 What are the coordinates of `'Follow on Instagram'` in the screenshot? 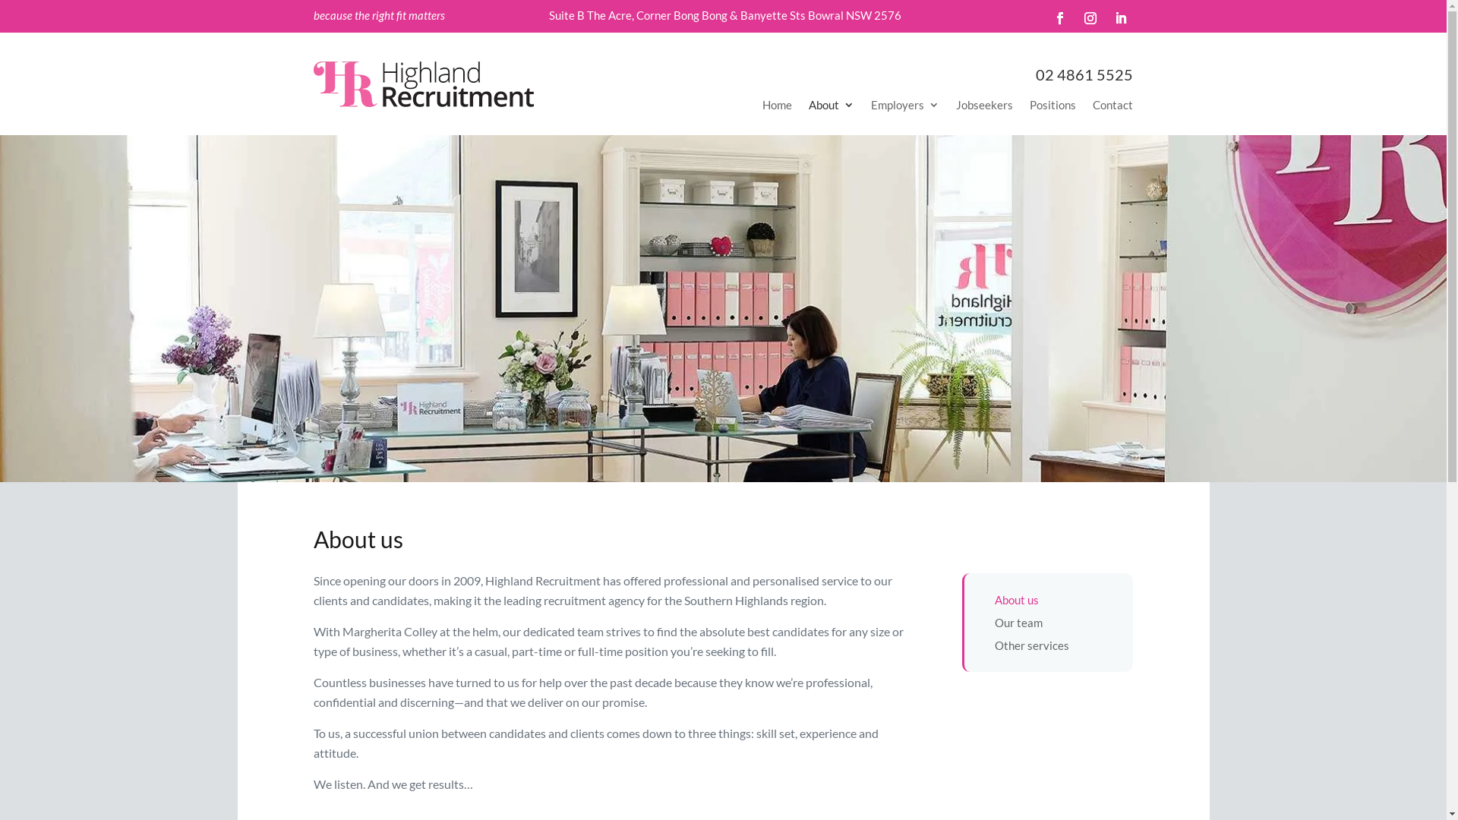 It's located at (1089, 17).